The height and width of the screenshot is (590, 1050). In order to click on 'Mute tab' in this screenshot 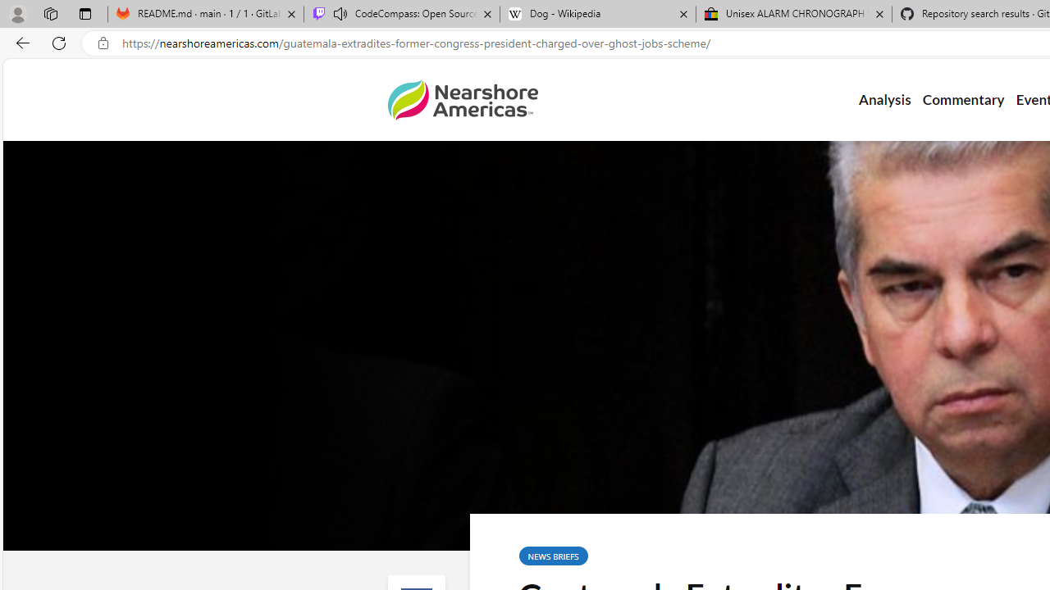, I will do `click(339, 13)`.